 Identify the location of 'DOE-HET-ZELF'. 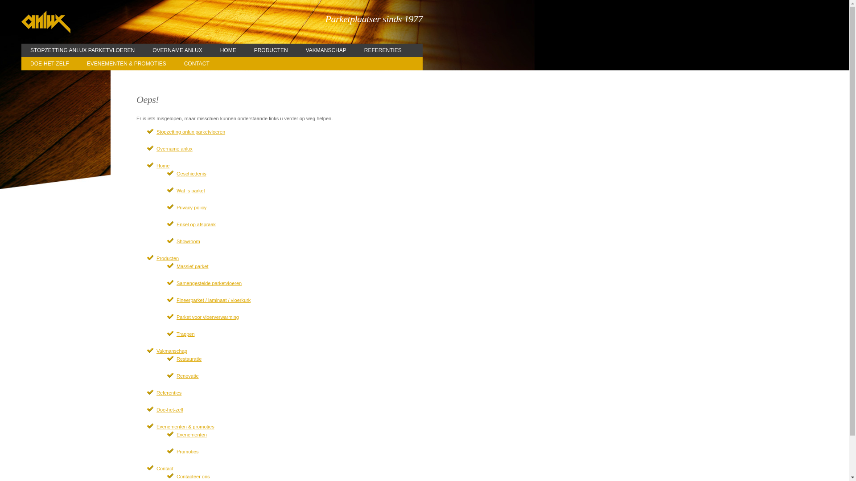
(49, 63).